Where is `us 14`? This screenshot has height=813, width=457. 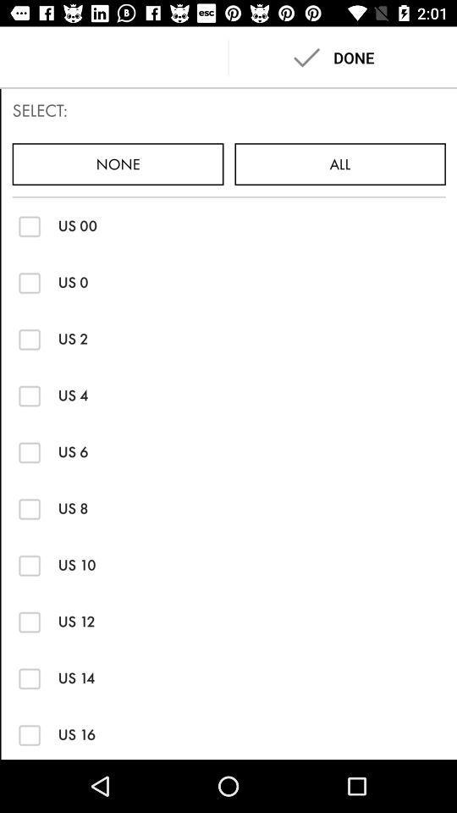 us 14 is located at coordinates (30, 678).